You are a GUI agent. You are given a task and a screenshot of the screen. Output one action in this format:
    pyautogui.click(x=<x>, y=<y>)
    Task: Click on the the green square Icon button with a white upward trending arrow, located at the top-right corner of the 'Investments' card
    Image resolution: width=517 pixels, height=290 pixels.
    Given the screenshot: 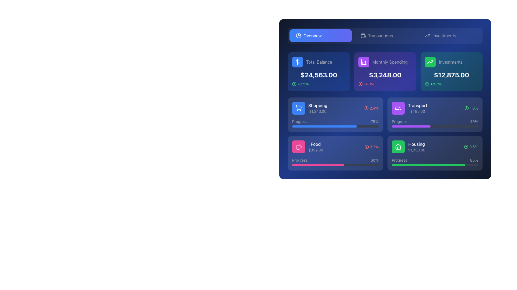 What is the action you would take?
    pyautogui.click(x=430, y=62)
    